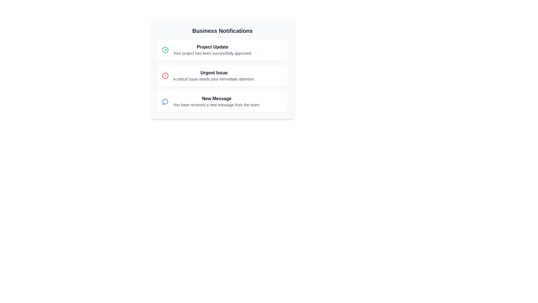 The width and height of the screenshot is (538, 303). What do you see at coordinates (222, 76) in the screenshot?
I see `the second notification card in the vertical list, which alerts the user about an urgent issue requiring immediate attention` at bounding box center [222, 76].